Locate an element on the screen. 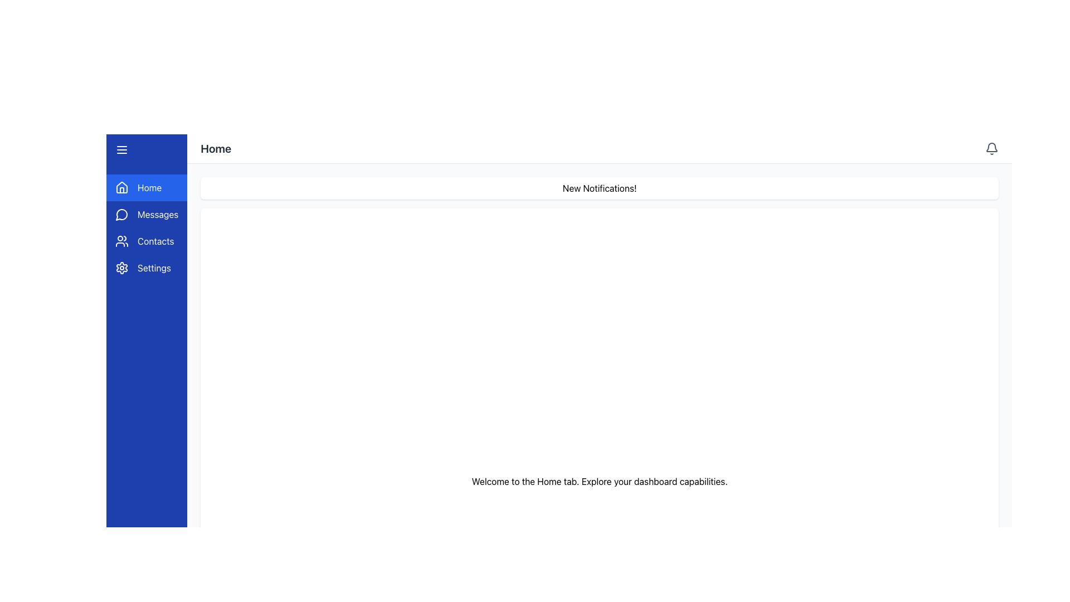 Image resolution: width=1070 pixels, height=602 pixels. the 'Messages' text label, which is the second item is located at coordinates (157, 215).